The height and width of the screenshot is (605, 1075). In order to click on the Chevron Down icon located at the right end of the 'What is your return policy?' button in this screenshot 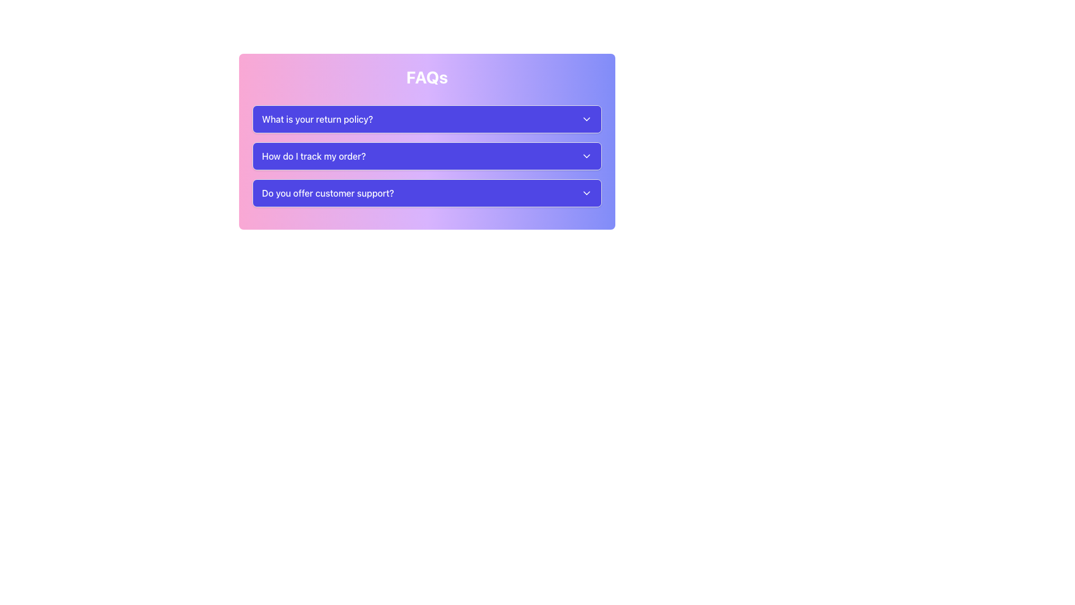, I will do `click(586, 119)`.